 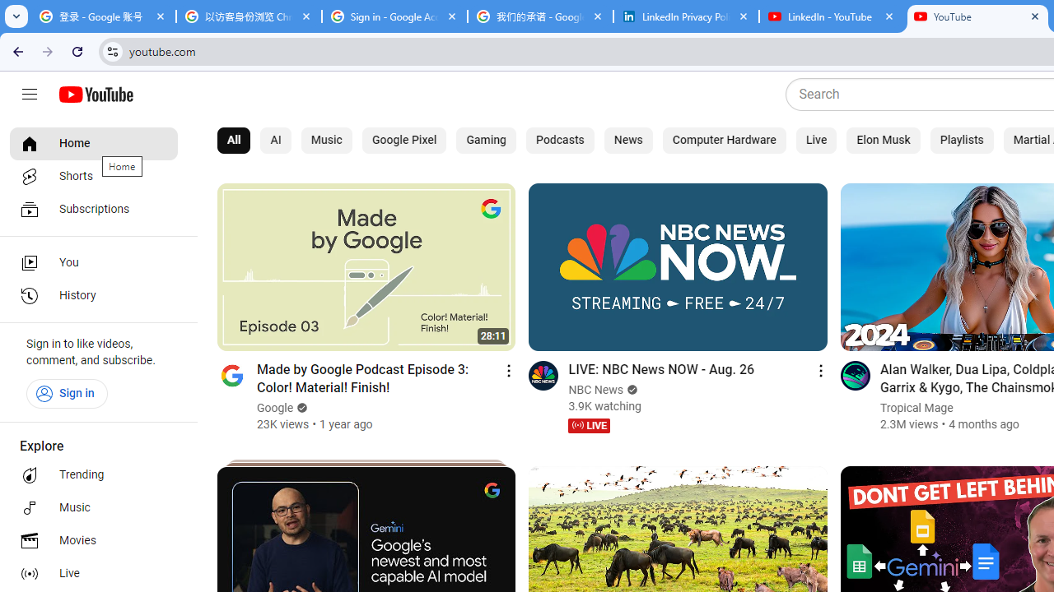 What do you see at coordinates (92, 475) in the screenshot?
I see `'Trending'` at bounding box center [92, 475].